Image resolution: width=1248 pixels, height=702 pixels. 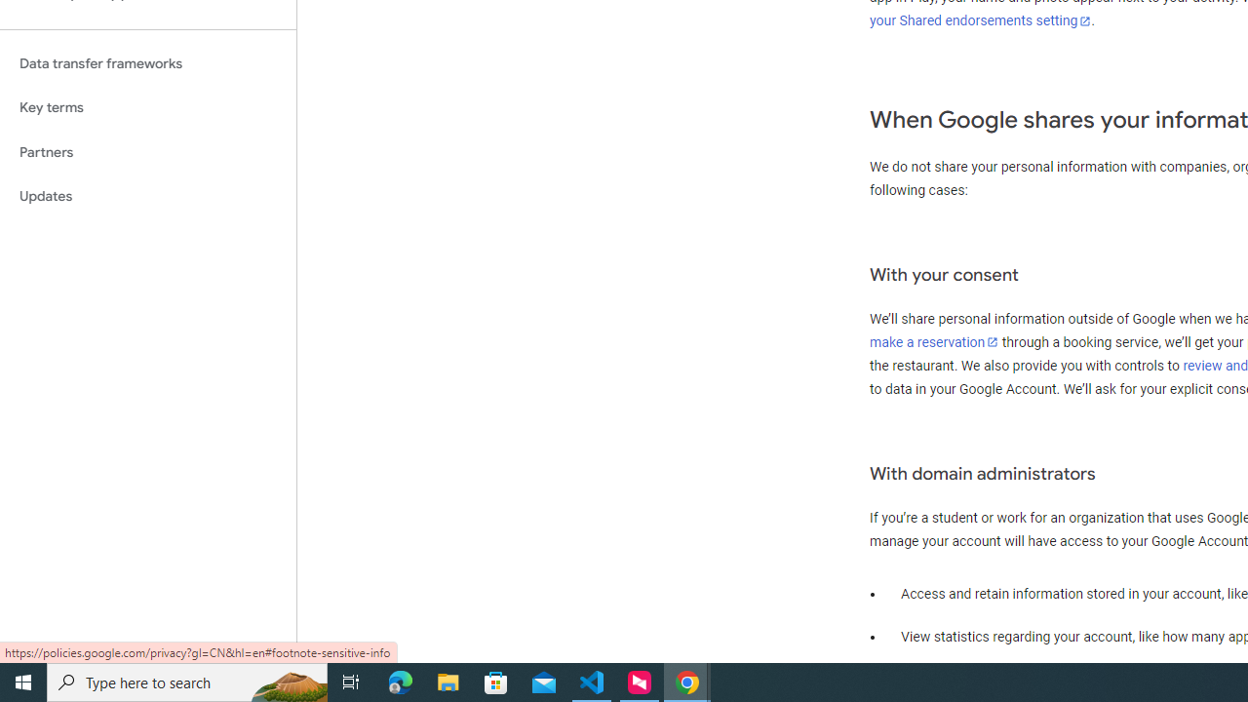 What do you see at coordinates (147, 151) in the screenshot?
I see `'Partners'` at bounding box center [147, 151].